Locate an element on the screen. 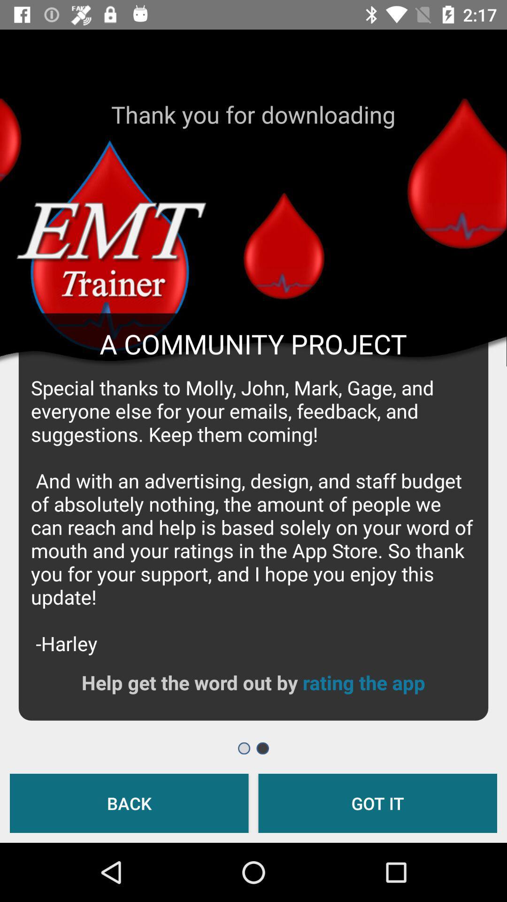 The width and height of the screenshot is (507, 902). item to the right of help get the item is located at coordinates (363, 682).